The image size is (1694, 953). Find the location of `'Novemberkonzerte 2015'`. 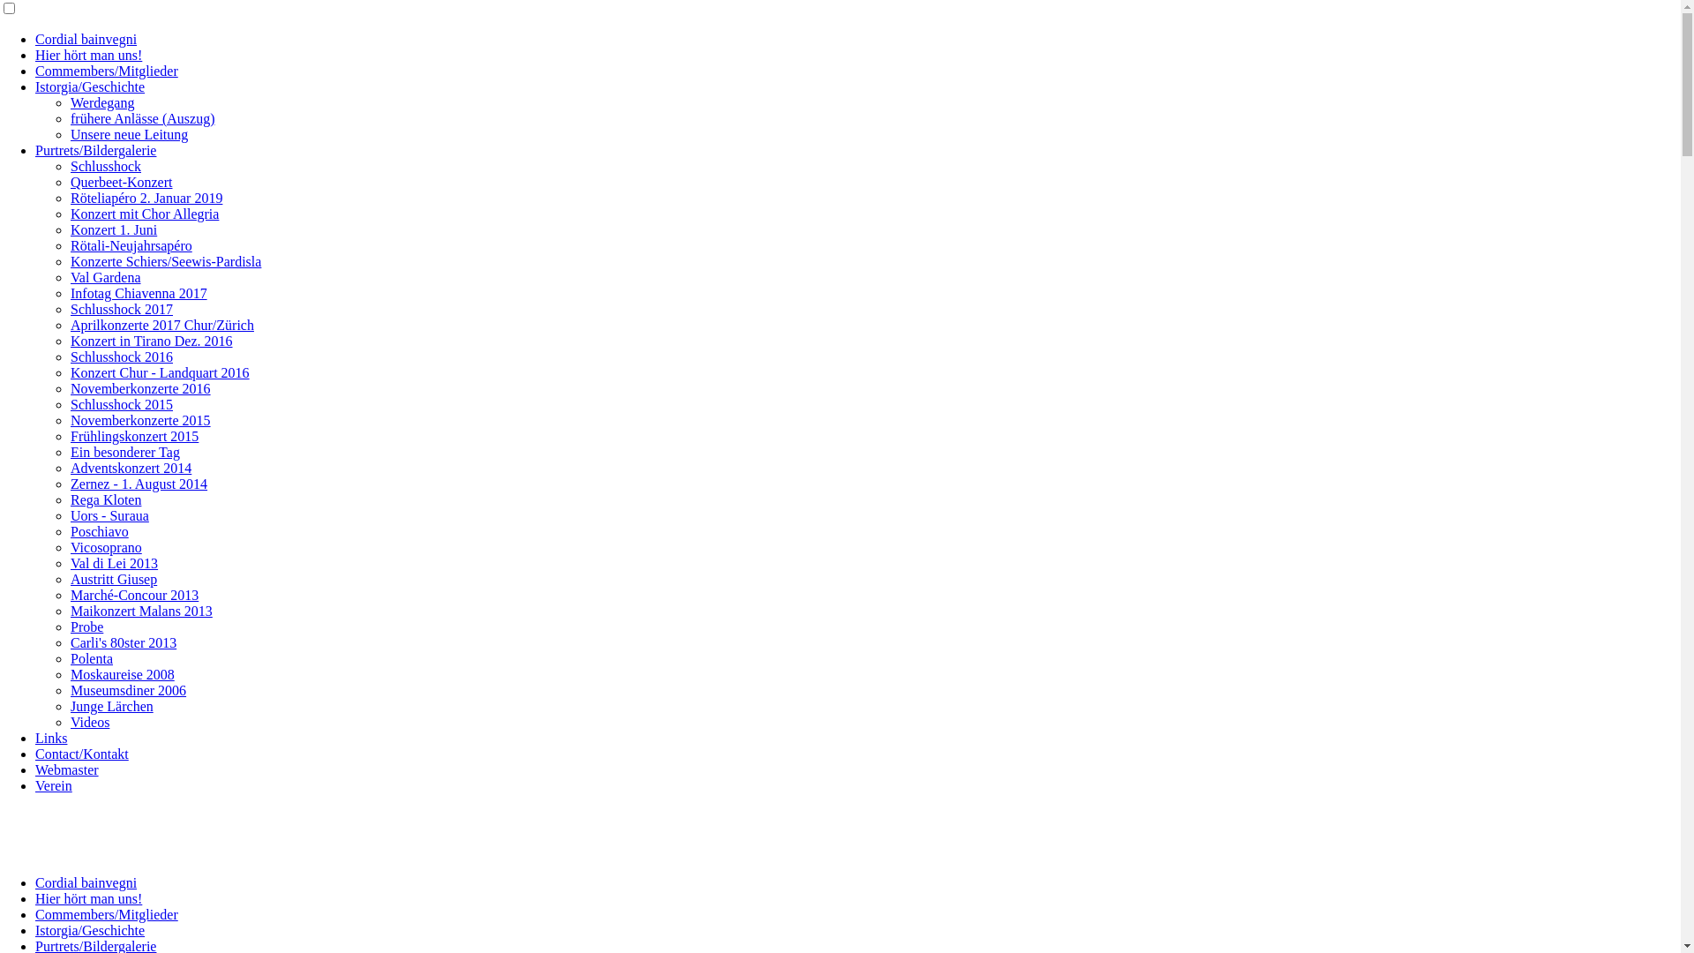

'Novemberkonzerte 2015' is located at coordinates (71, 420).